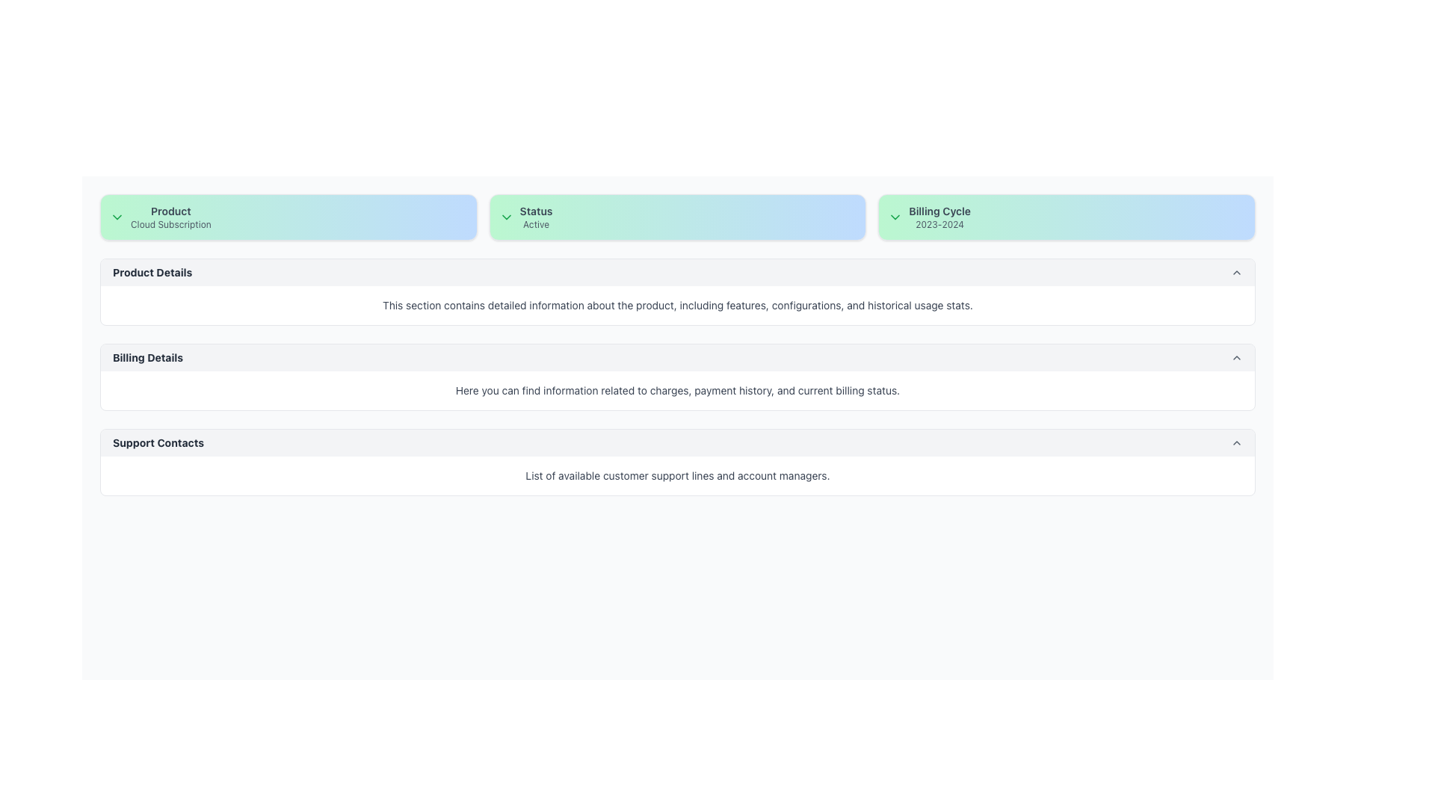 This screenshot has height=807, width=1435. I want to click on the static text label that provides information about the 'Support Contacts' section, located beneath the header 'Support Contacts', so click(677, 475).